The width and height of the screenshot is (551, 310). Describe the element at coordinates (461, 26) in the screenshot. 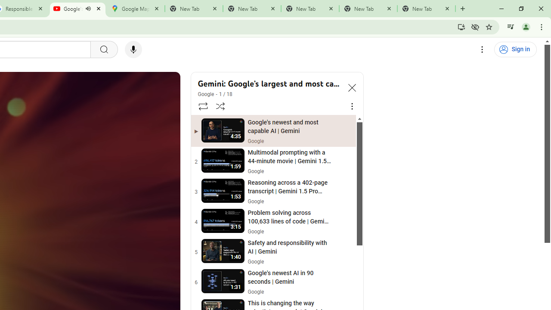

I see `'Install YouTube'` at that location.